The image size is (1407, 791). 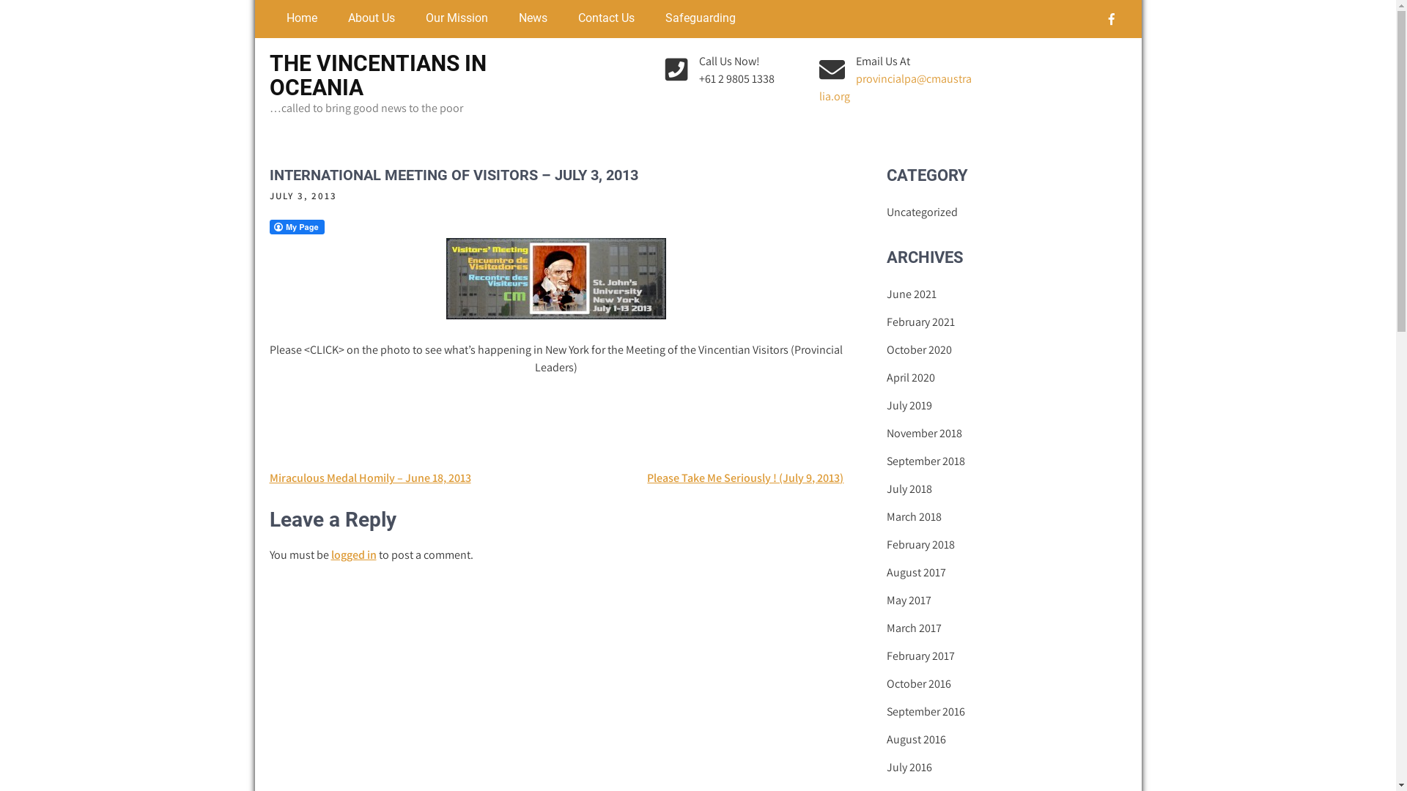 What do you see at coordinates (885, 601) in the screenshot?
I see `'May 2017'` at bounding box center [885, 601].